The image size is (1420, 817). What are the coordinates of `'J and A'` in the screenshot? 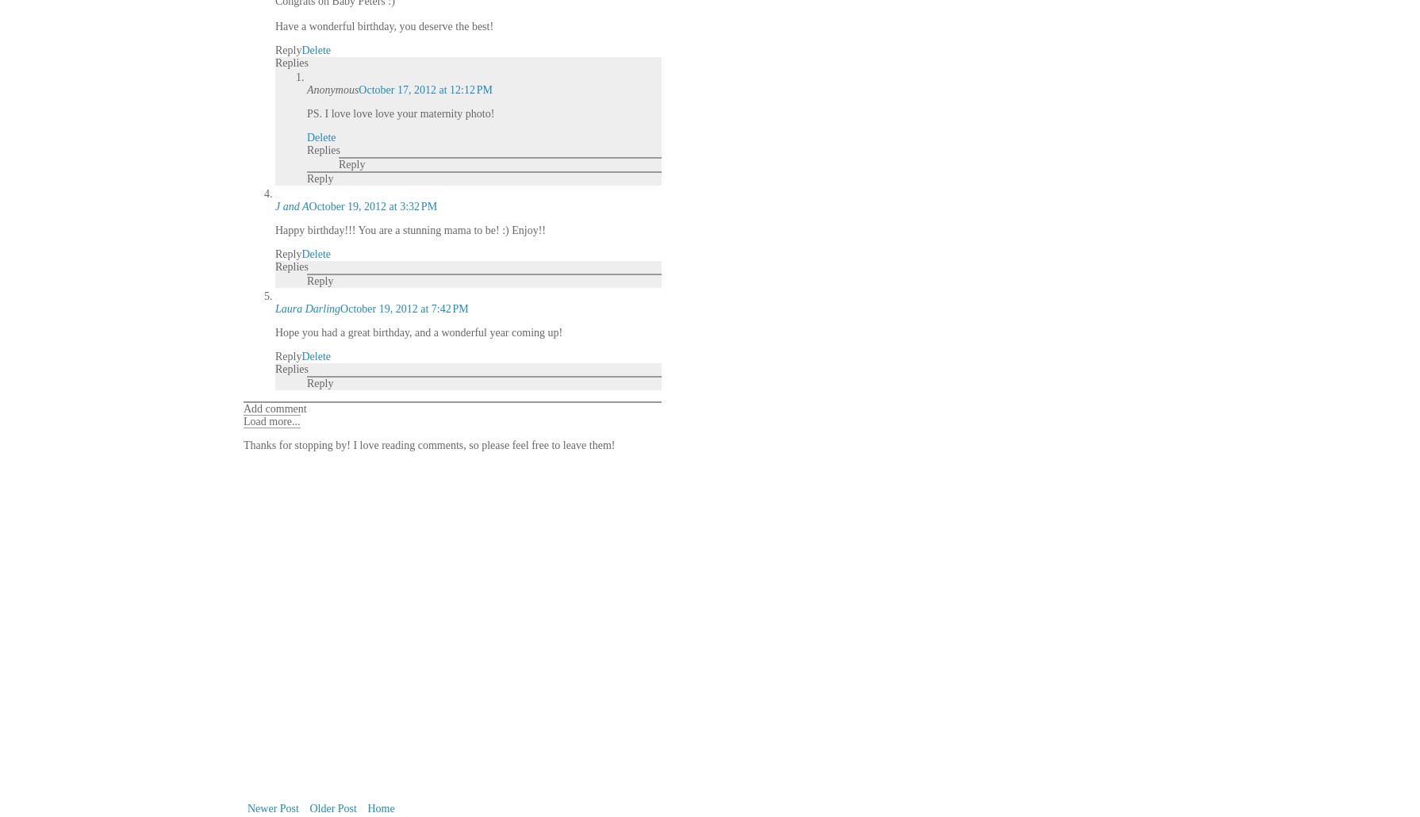 It's located at (292, 205).